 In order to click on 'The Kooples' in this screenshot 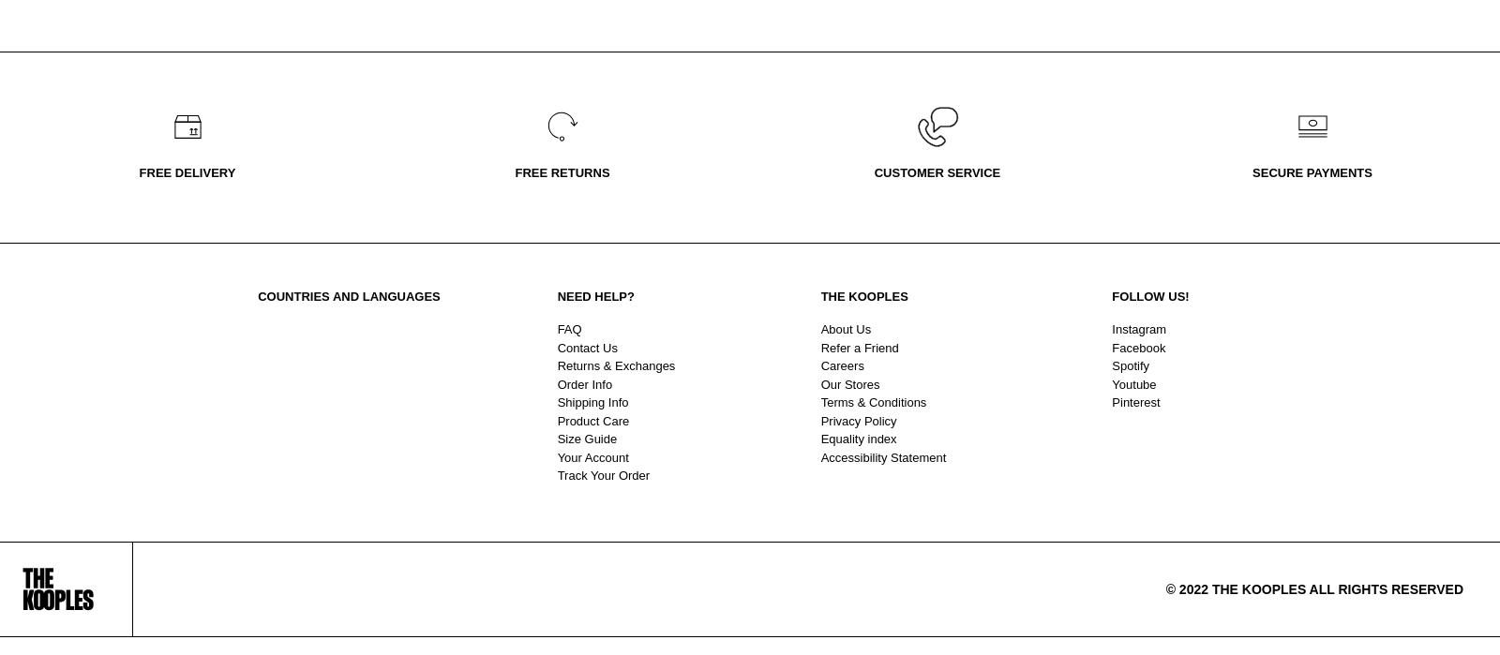, I will do `click(862, 296)`.